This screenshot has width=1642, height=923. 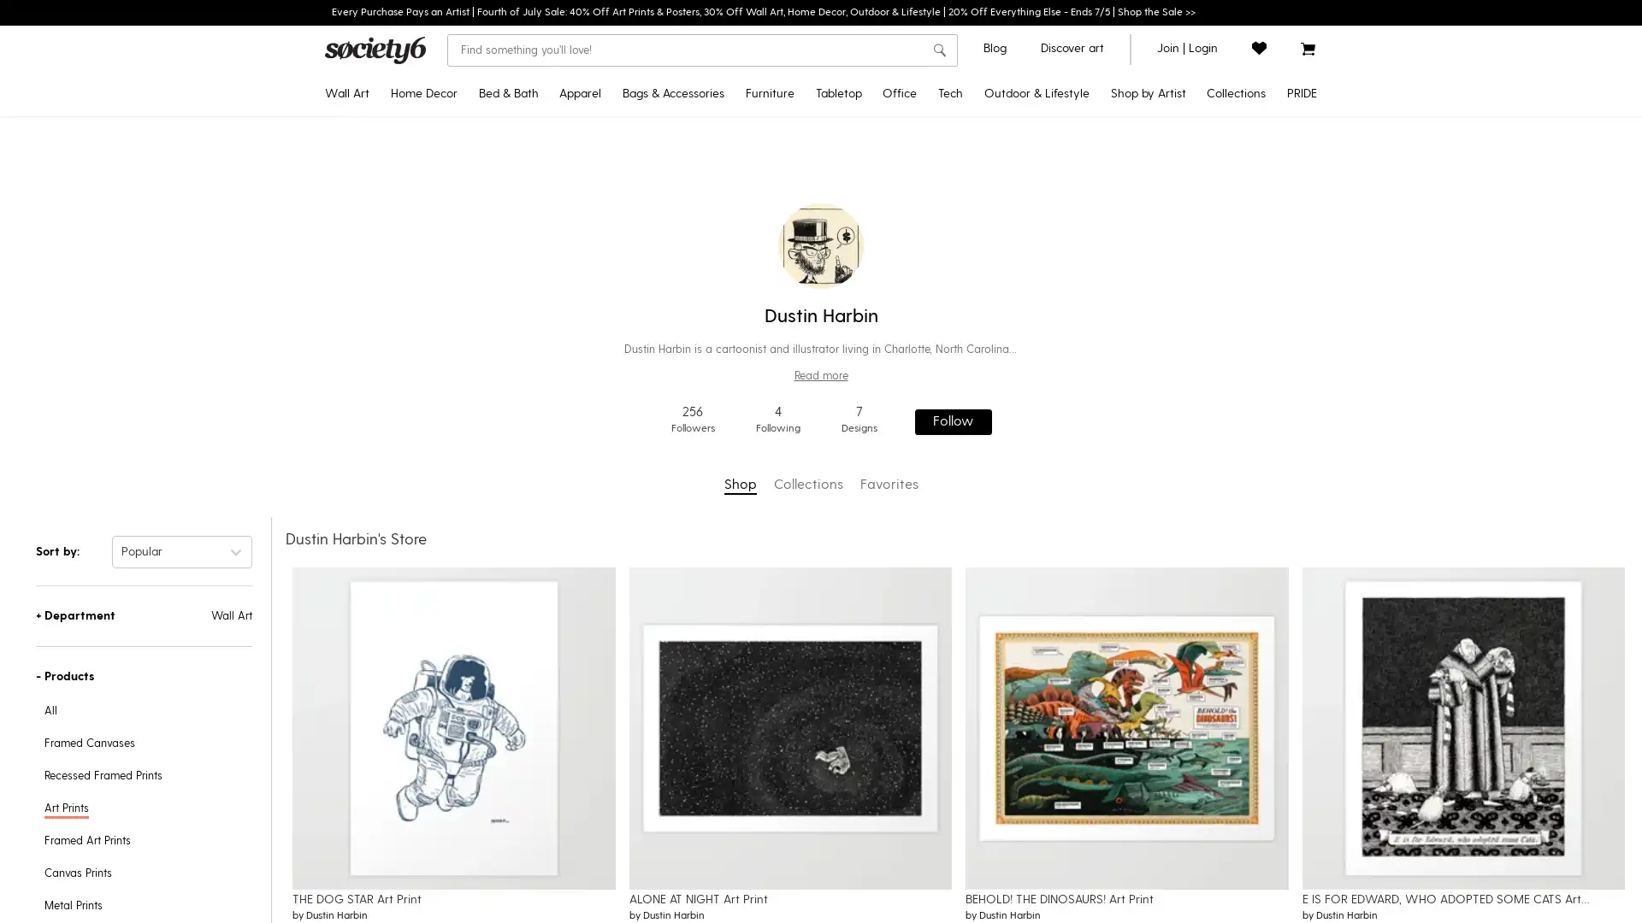 What do you see at coordinates (870, 191) in the screenshot?
I see `Tablecloths` at bounding box center [870, 191].